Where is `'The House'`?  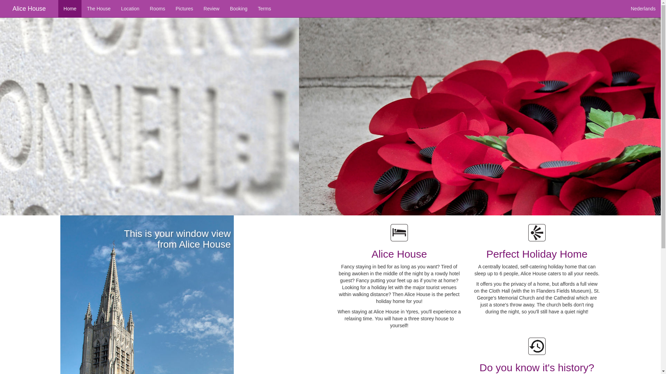
'The House' is located at coordinates (98, 8).